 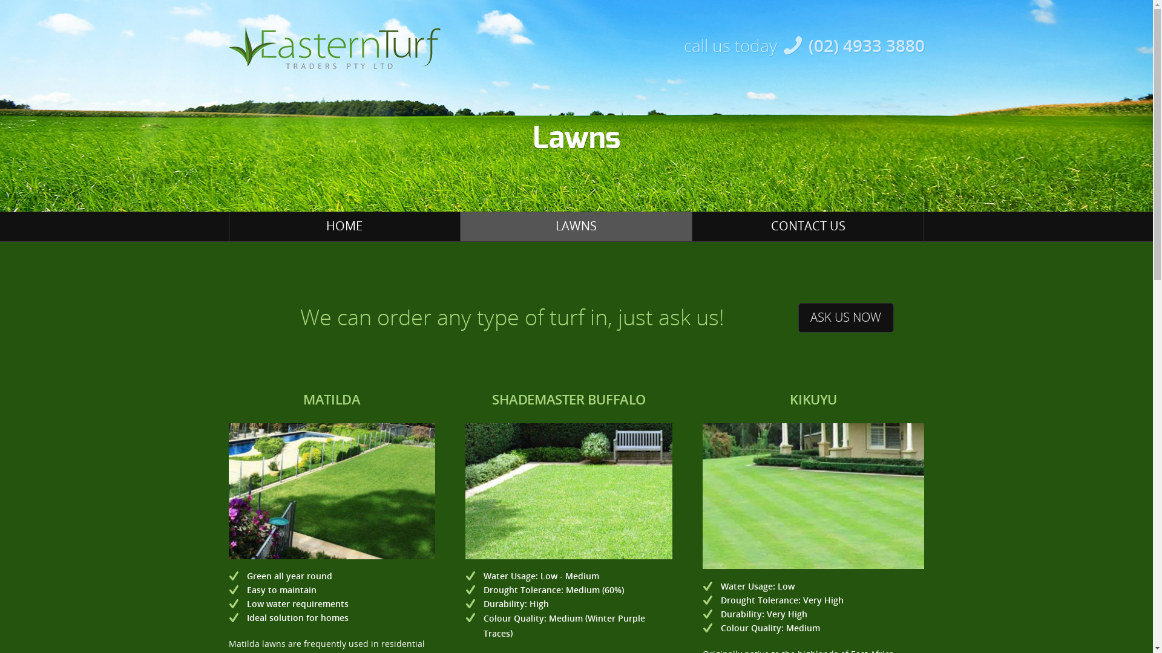 What do you see at coordinates (845, 317) in the screenshot?
I see `'ASK US NOW'` at bounding box center [845, 317].